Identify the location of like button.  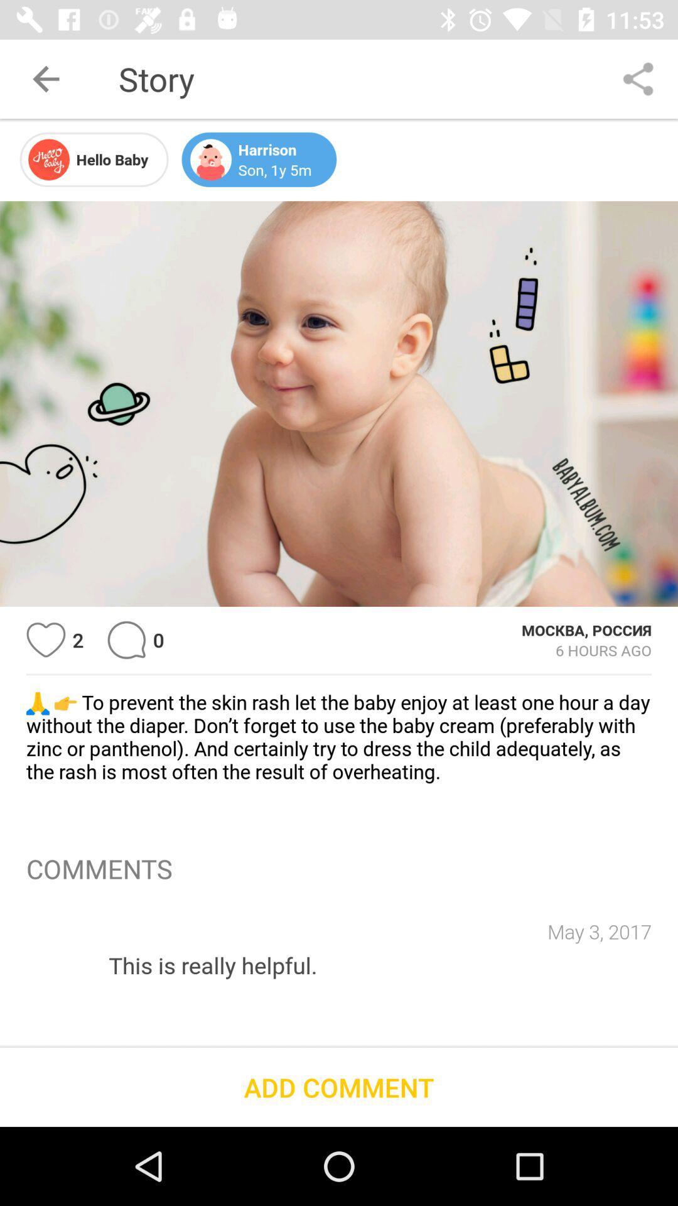
(45, 640).